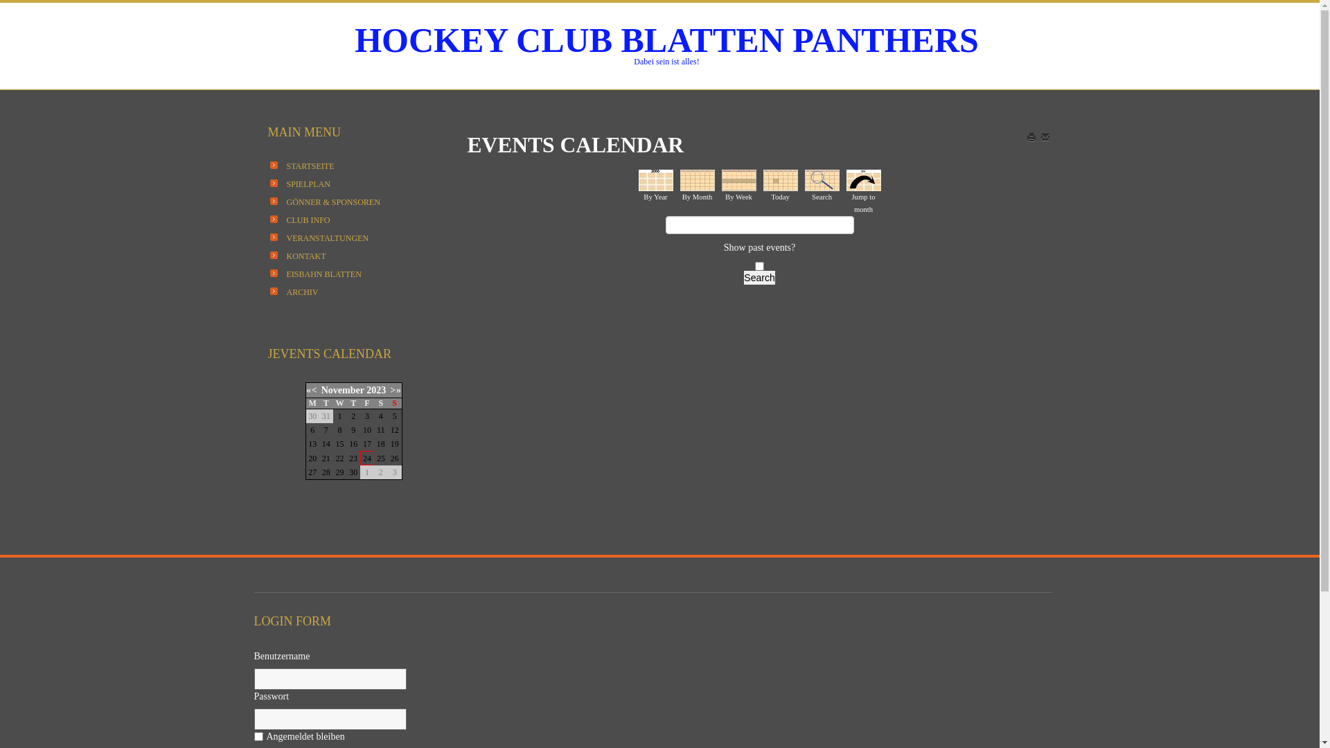  I want to click on '11', so click(376, 429).